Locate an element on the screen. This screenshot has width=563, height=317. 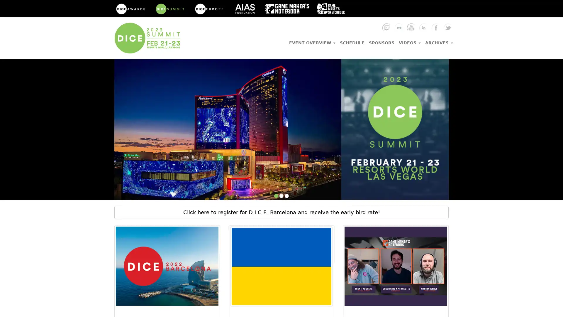
Click here to register for D.I.C.E. Barcelona and receive the early bird rate! is located at coordinates (281, 213).